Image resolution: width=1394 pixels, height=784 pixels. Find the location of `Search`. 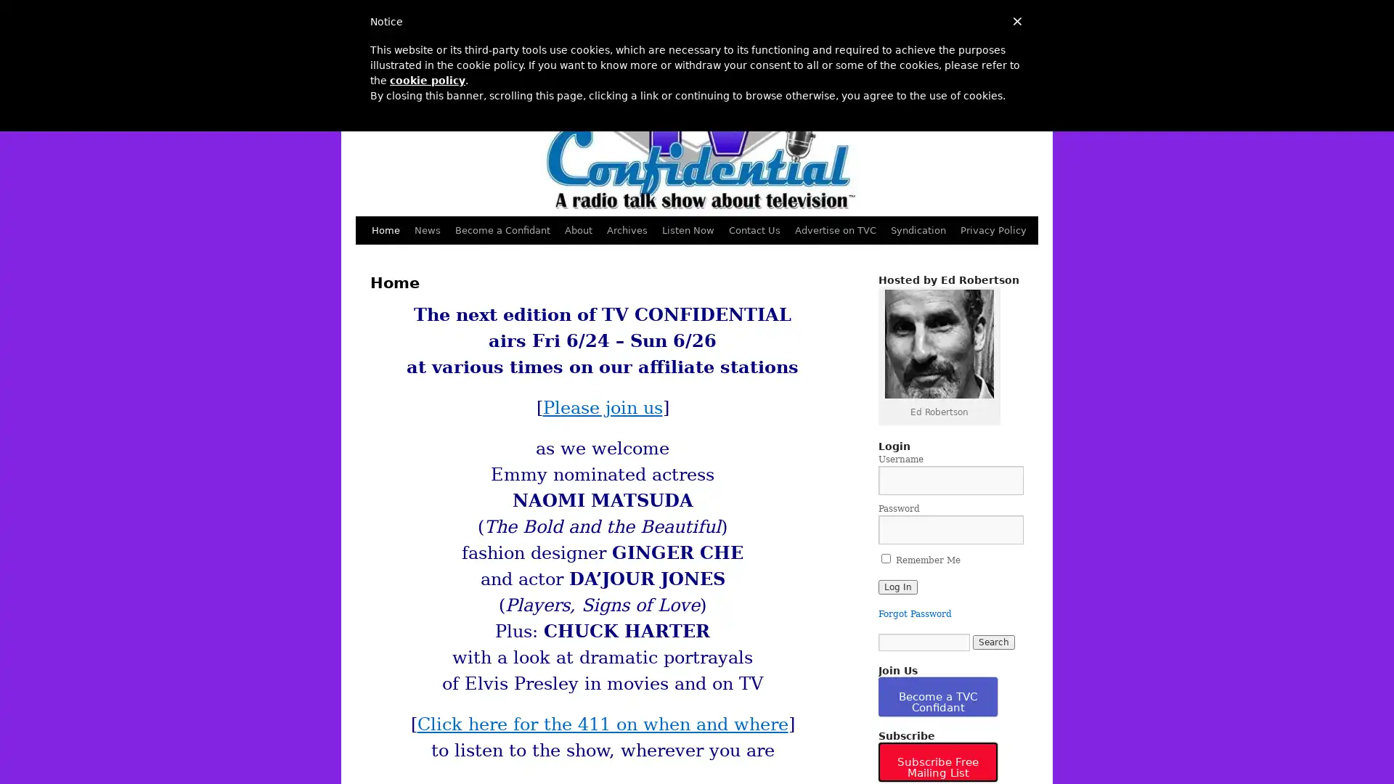

Search is located at coordinates (992, 641).